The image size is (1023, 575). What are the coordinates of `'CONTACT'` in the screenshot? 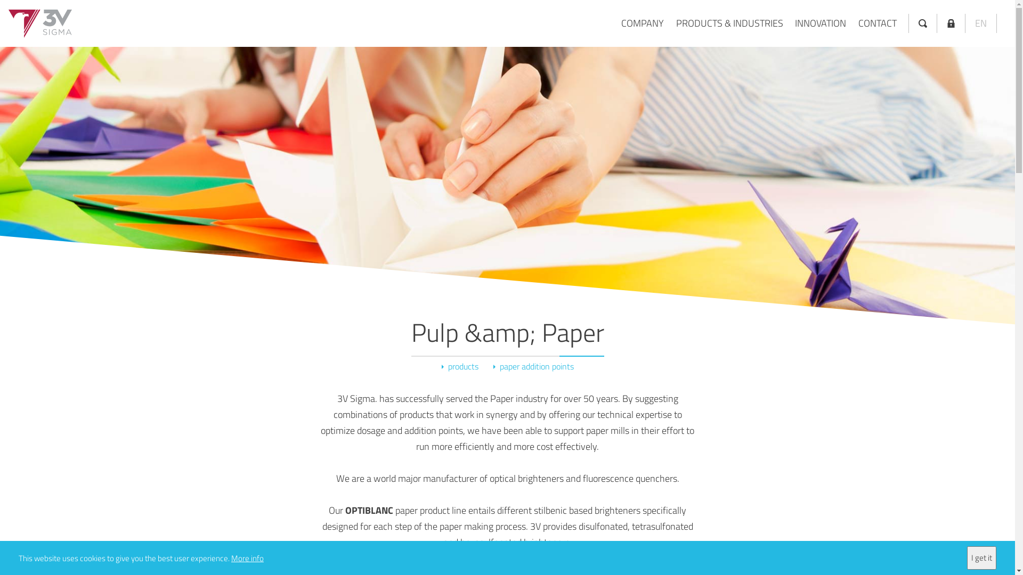 It's located at (877, 23).